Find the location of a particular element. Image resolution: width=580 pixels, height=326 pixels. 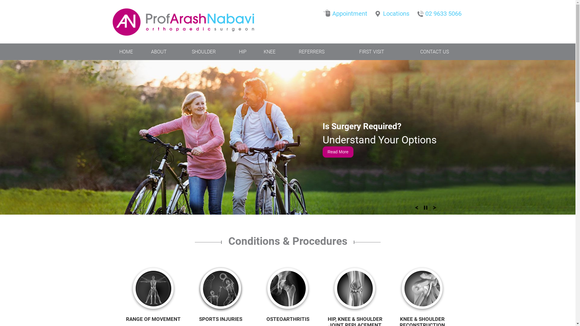

'FIRST VISIT' is located at coordinates (371, 51).